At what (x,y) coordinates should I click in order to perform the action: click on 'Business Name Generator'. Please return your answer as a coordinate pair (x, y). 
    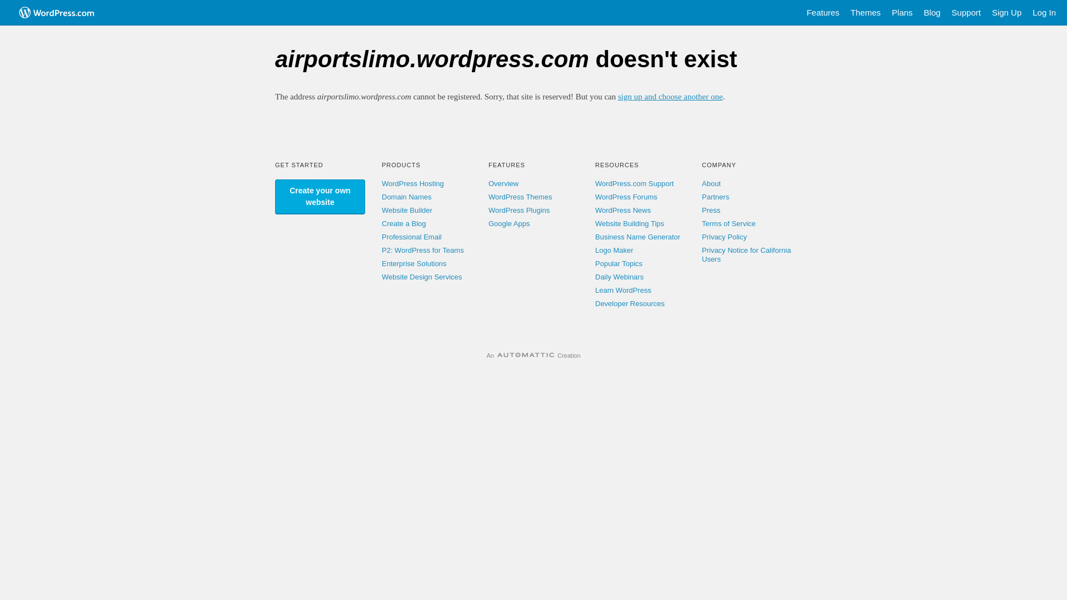
    Looking at the image, I should click on (637, 236).